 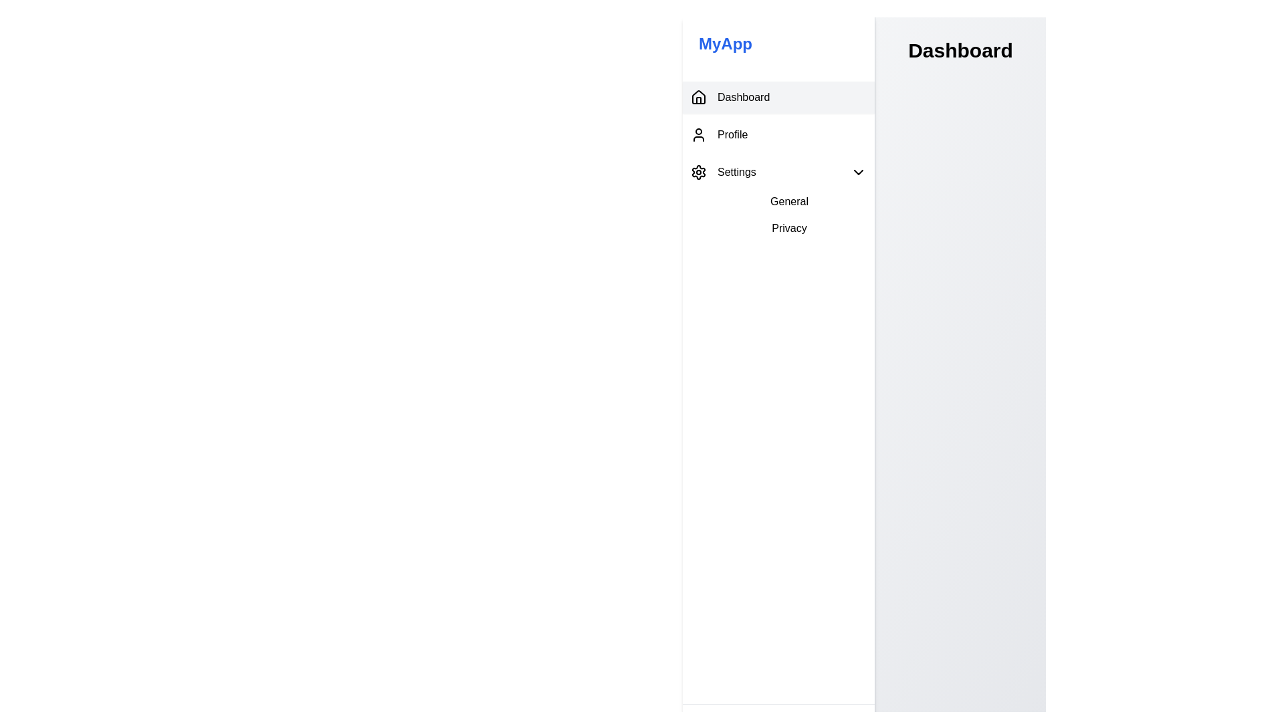 I want to click on the 'Dashboard' icon represented as a vector graphic in the sidebar navigation menu to trigger the tooltip or highlight effect, so click(x=698, y=96).